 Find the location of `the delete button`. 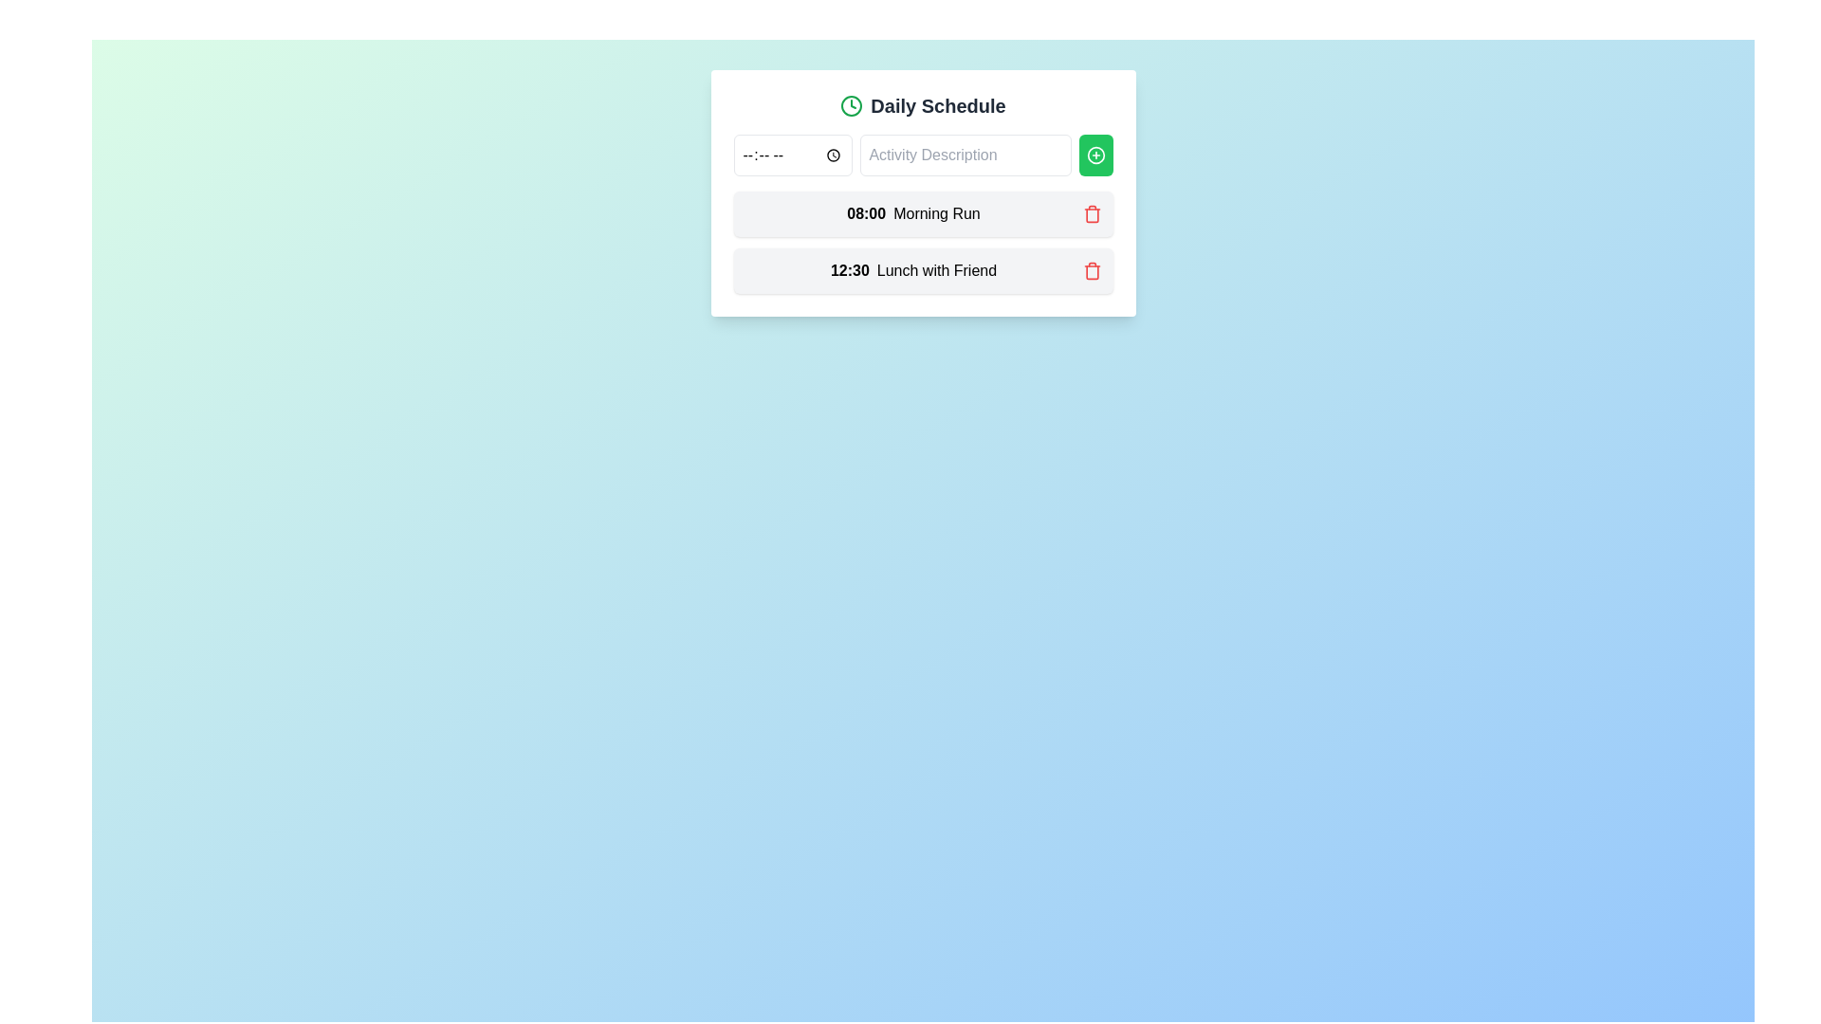

the delete button is located at coordinates (1092, 270).